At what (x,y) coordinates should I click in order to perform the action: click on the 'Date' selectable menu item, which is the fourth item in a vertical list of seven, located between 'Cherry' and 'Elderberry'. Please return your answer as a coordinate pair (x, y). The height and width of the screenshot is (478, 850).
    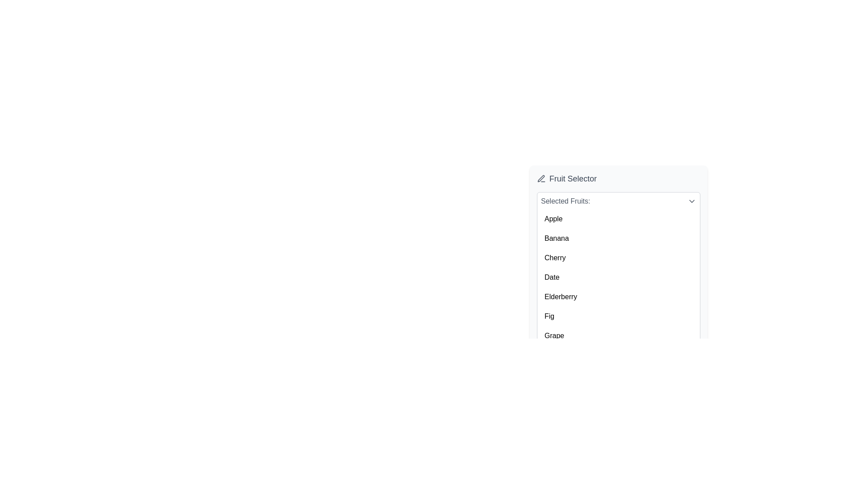
    Looking at the image, I should click on (618, 277).